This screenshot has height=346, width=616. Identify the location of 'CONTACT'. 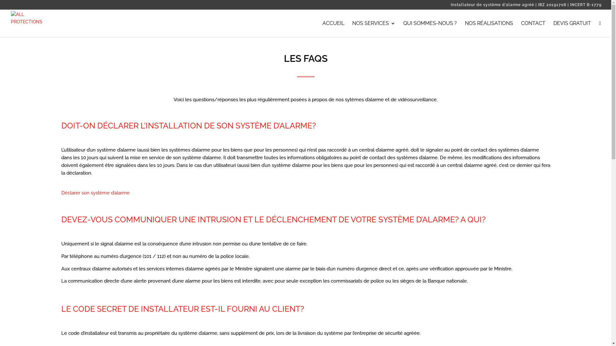
(521, 29).